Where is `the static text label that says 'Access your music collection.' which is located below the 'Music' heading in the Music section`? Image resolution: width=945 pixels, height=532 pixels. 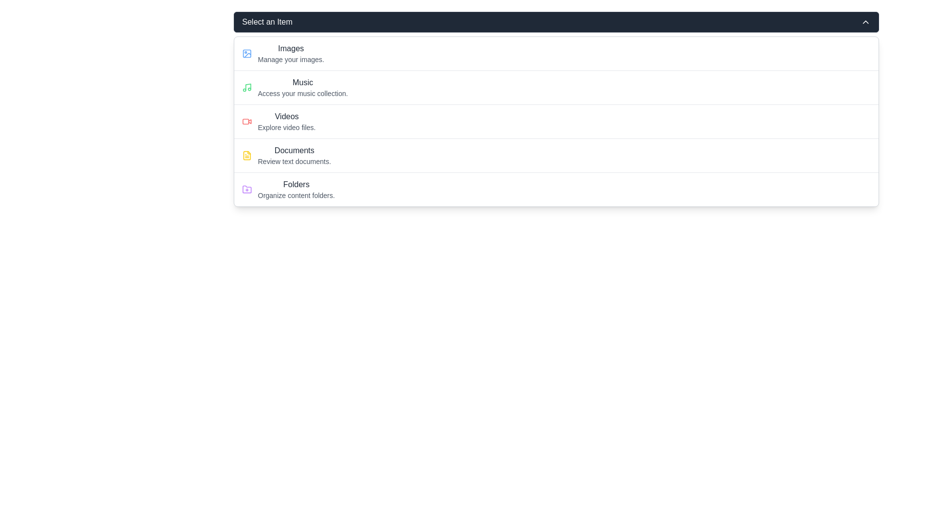 the static text label that says 'Access your music collection.' which is located below the 'Music' heading in the Music section is located at coordinates (302, 93).